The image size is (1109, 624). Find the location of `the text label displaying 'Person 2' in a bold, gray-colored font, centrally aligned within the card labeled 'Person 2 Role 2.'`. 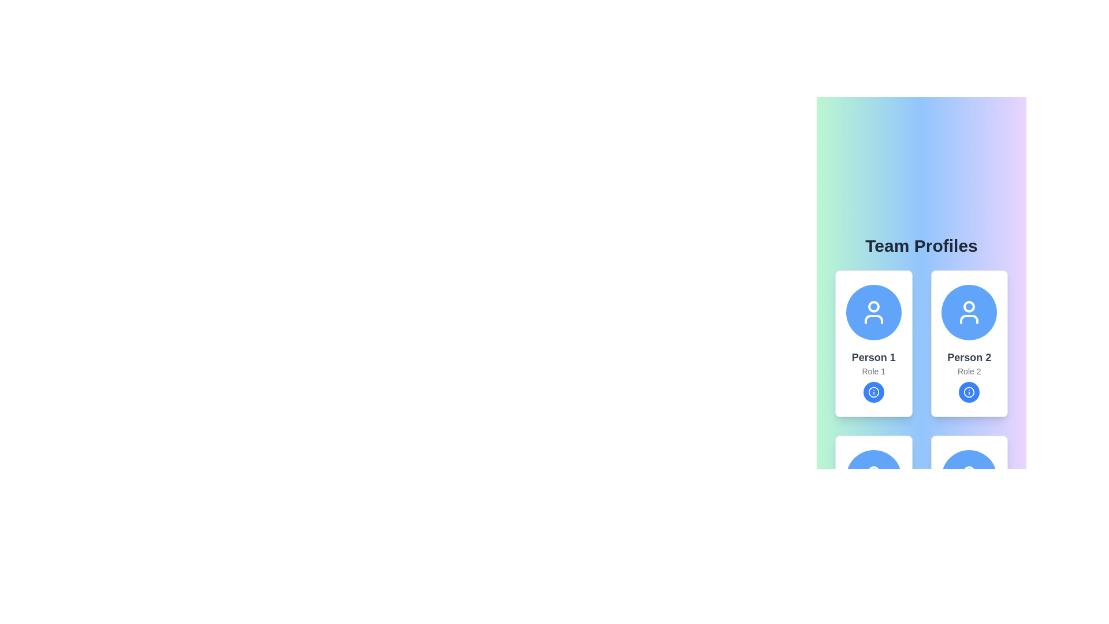

the text label displaying 'Person 2' in a bold, gray-colored font, centrally aligned within the card labeled 'Person 2 Role 2.' is located at coordinates (969, 356).